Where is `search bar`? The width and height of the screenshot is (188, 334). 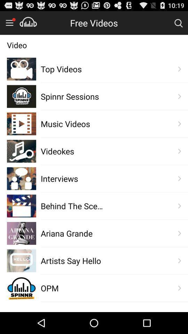 search bar is located at coordinates (178, 23).